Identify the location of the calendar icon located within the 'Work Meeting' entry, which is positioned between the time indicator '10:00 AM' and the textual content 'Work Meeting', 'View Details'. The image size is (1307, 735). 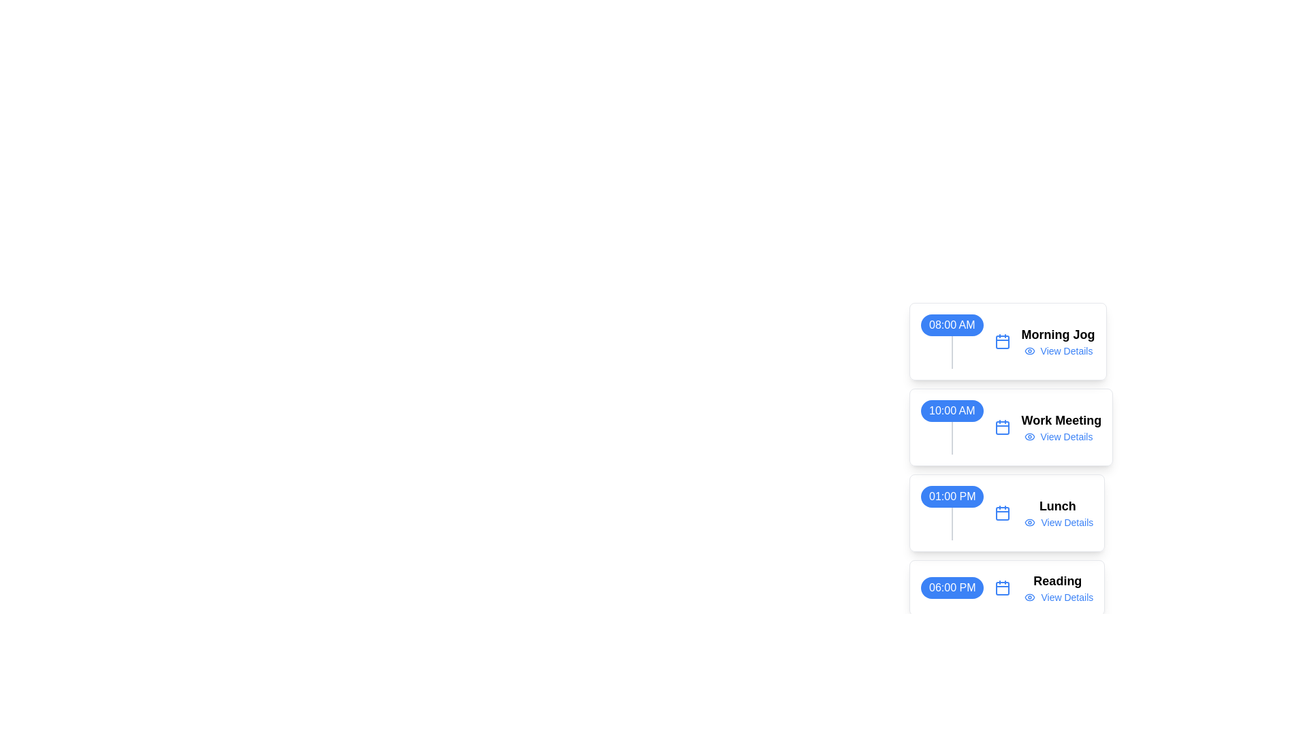
(1002, 427).